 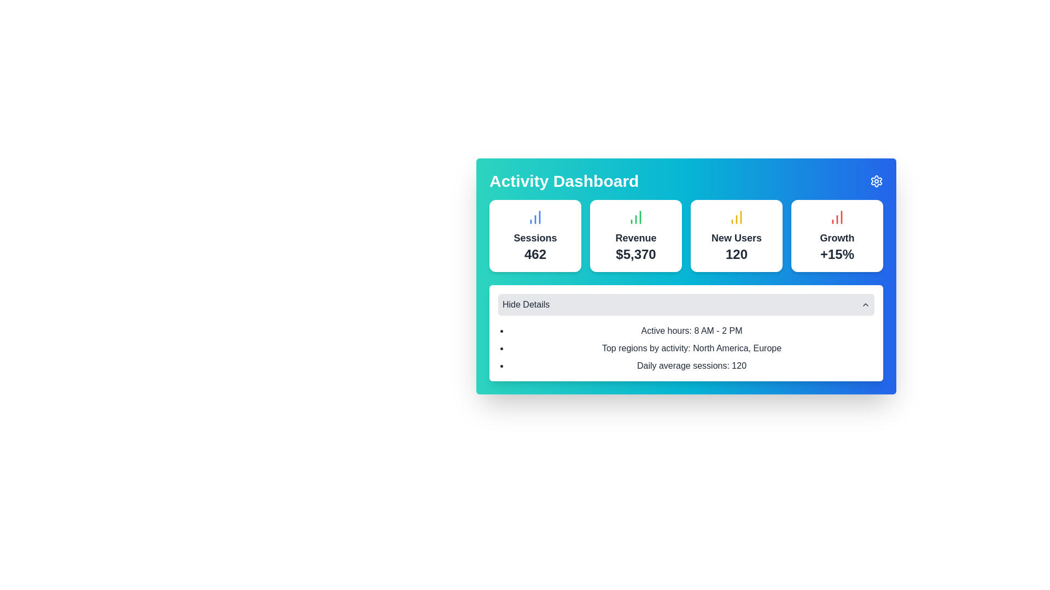 What do you see at coordinates (837, 255) in the screenshot?
I see `the bold text label displaying '+15%' in the 'Growth' section of the dashboard, which is positioned below the 'Growth' text` at bounding box center [837, 255].